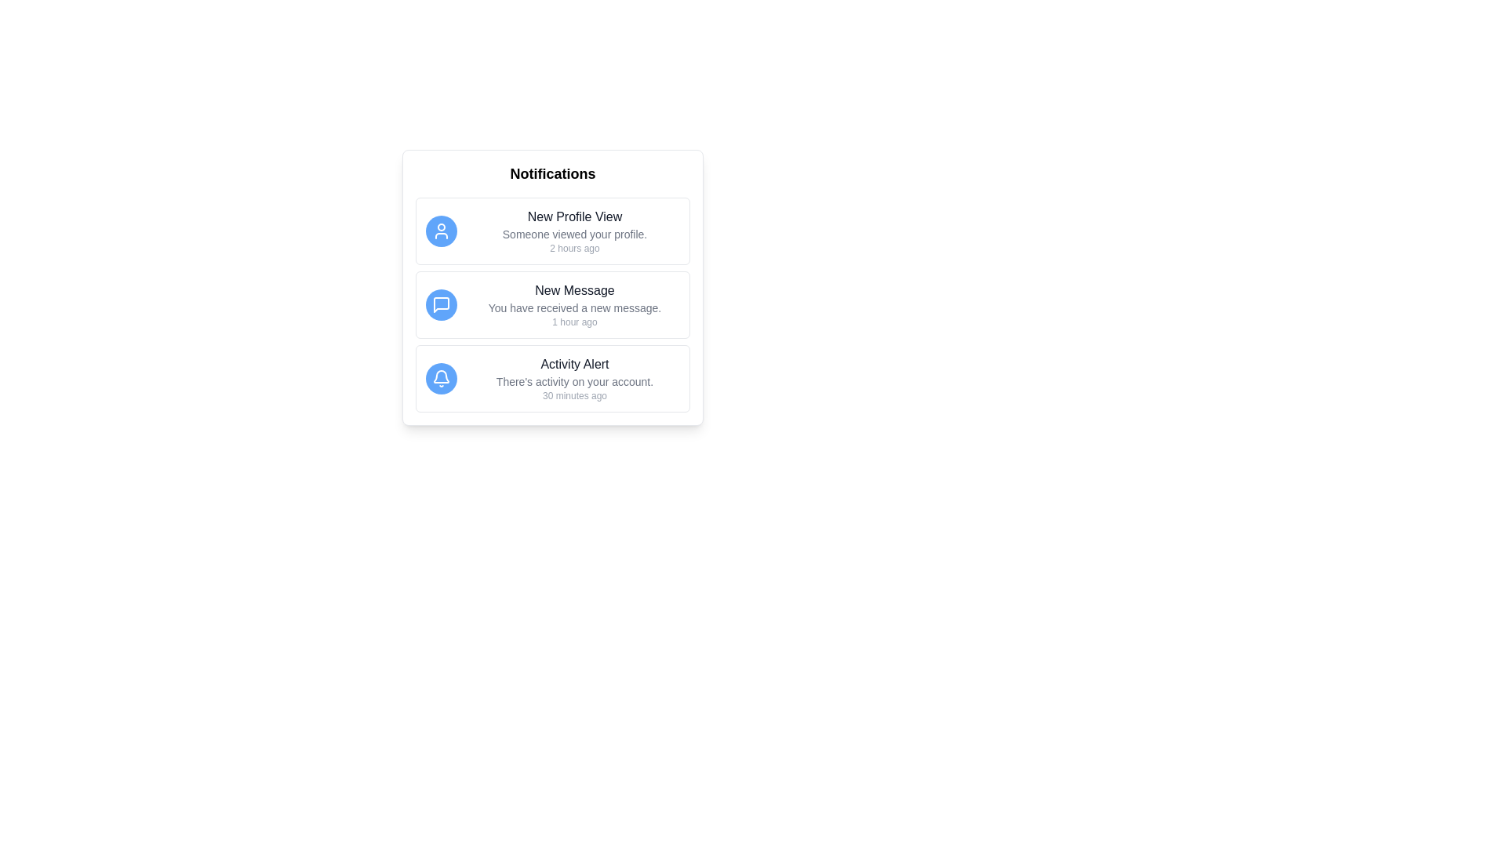 Image resolution: width=1506 pixels, height=847 pixels. What do you see at coordinates (574, 381) in the screenshot?
I see `the notification message body in the 'Activity Alert' block, which is the second line of text beneath the heading 'Activity Alert'` at bounding box center [574, 381].